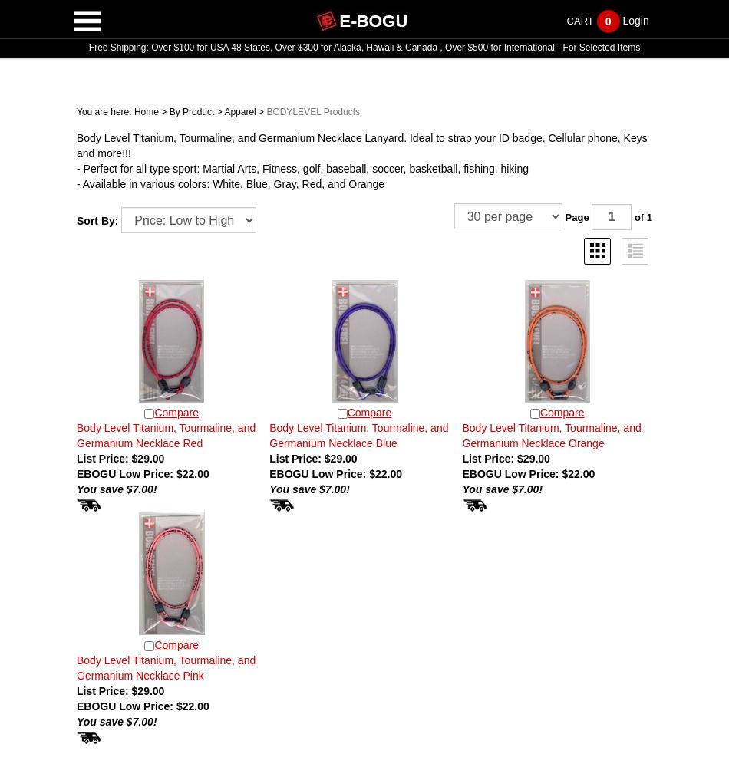 The height and width of the screenshot is (767, 729). I want to click on 'of 1', so click(641, 216).